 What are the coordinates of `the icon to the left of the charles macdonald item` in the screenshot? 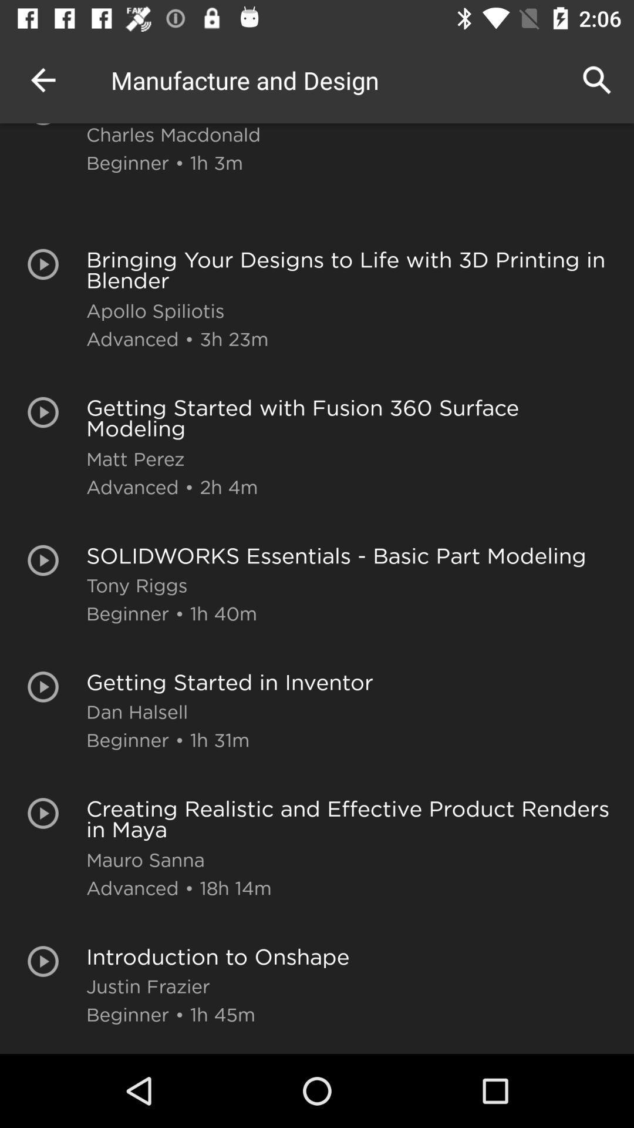 It's located at (42, 79).